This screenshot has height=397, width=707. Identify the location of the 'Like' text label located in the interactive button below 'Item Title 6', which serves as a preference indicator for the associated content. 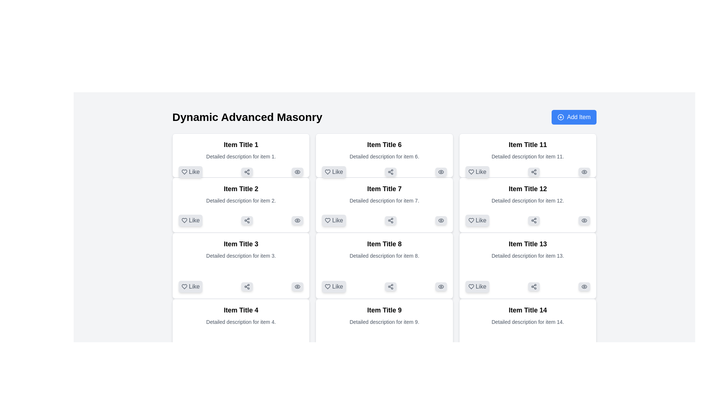
(337, 172).